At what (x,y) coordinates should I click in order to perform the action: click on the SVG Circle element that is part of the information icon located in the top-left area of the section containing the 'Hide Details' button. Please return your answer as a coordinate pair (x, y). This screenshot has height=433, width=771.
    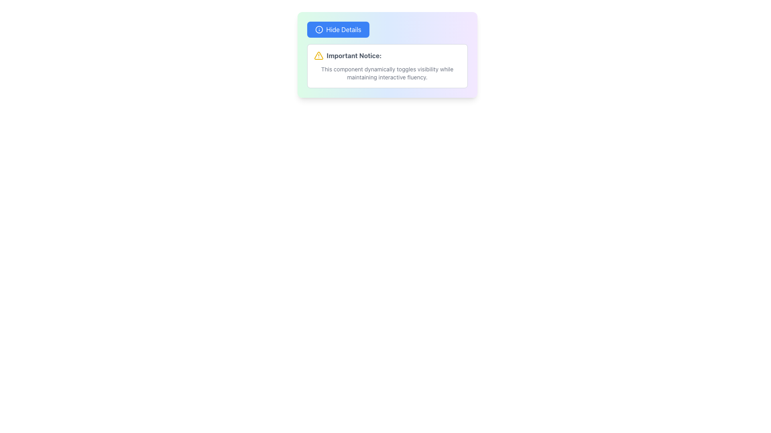
    Looking at the image, I should click on (318, 29).